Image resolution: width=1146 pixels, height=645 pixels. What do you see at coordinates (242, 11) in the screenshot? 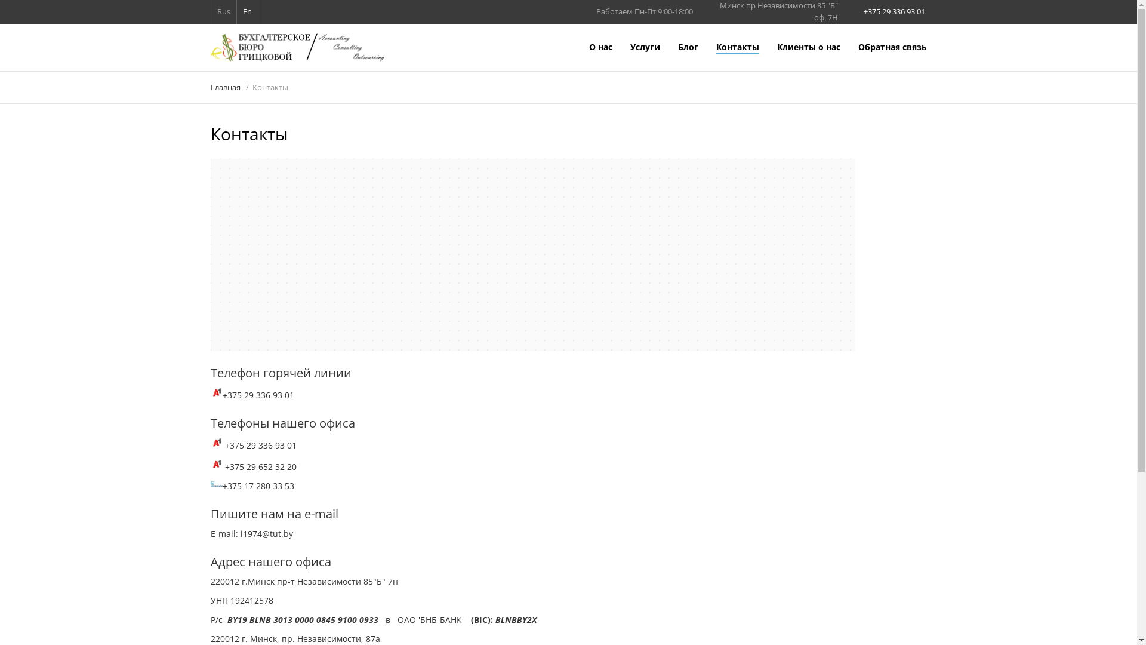
I see `'En'` at bounding box center [242, 11].